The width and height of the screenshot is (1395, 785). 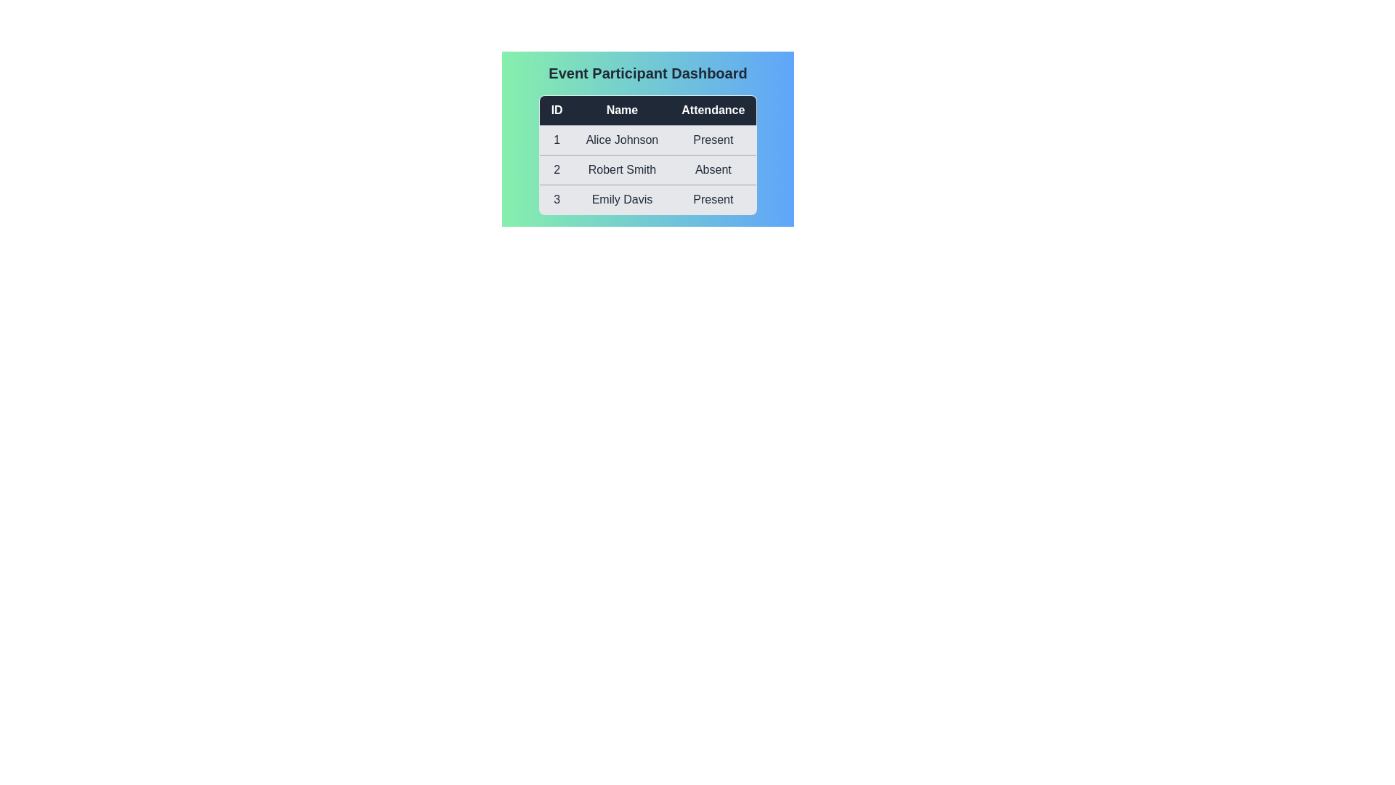 I want to click on attendance data of the participant 'Alice Johnson' with ID '1' marked as 'Present' from the first table row below the headers, so click(x=647, y=140).